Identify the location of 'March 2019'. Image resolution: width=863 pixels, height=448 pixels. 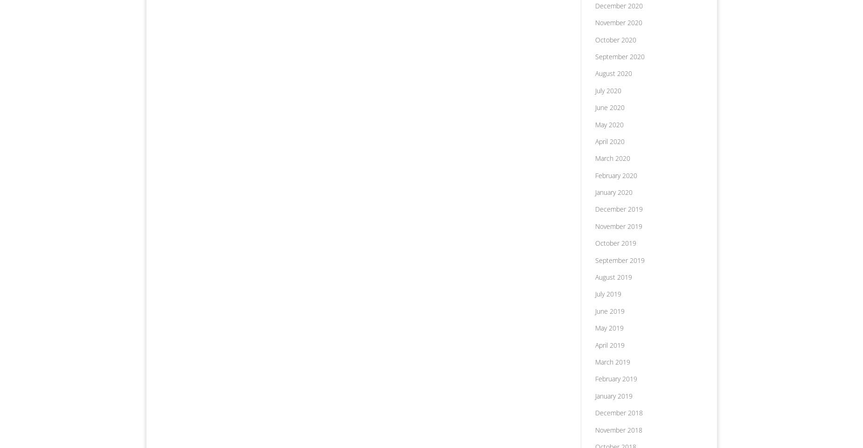
(612, 361).